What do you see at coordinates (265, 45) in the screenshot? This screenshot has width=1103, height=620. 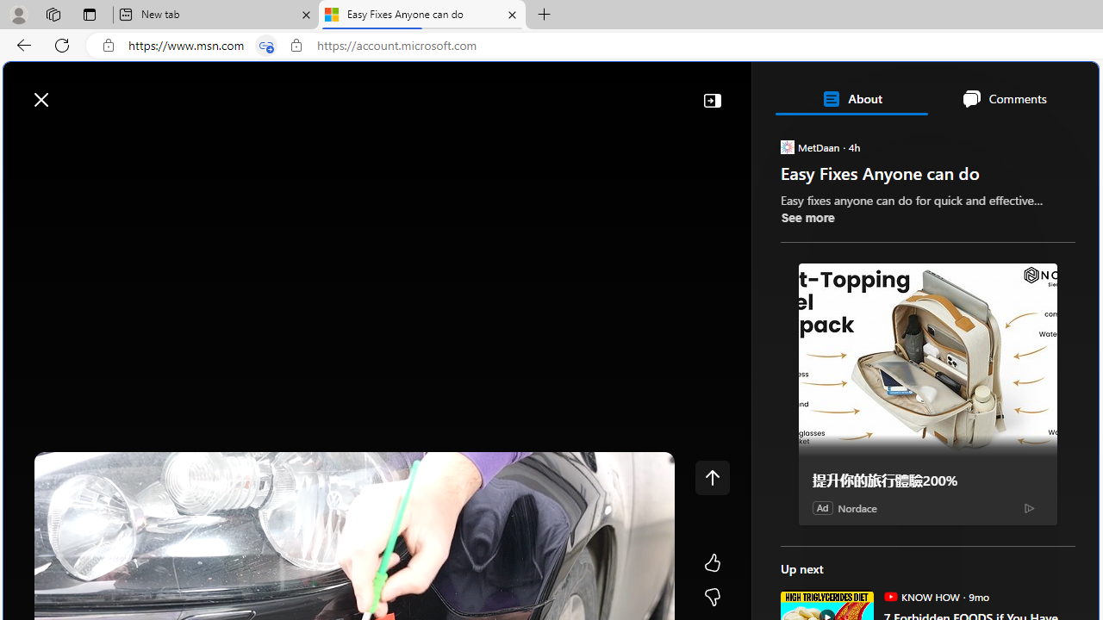 I see `'Tabs in split screen'` at bounding box center [265, 45].